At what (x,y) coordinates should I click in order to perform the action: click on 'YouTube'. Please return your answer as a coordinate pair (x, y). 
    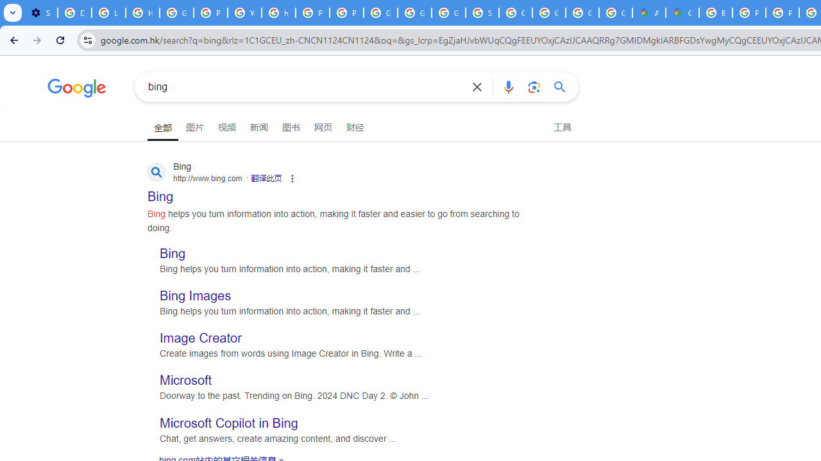
    Looking at the image, I should click on (244, 13).